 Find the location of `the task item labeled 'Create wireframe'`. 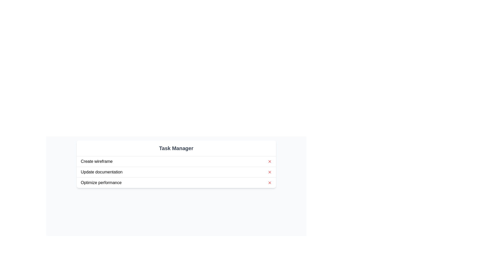

the task item labeled 'Create wireframe' is located at coordinates (176, 161).